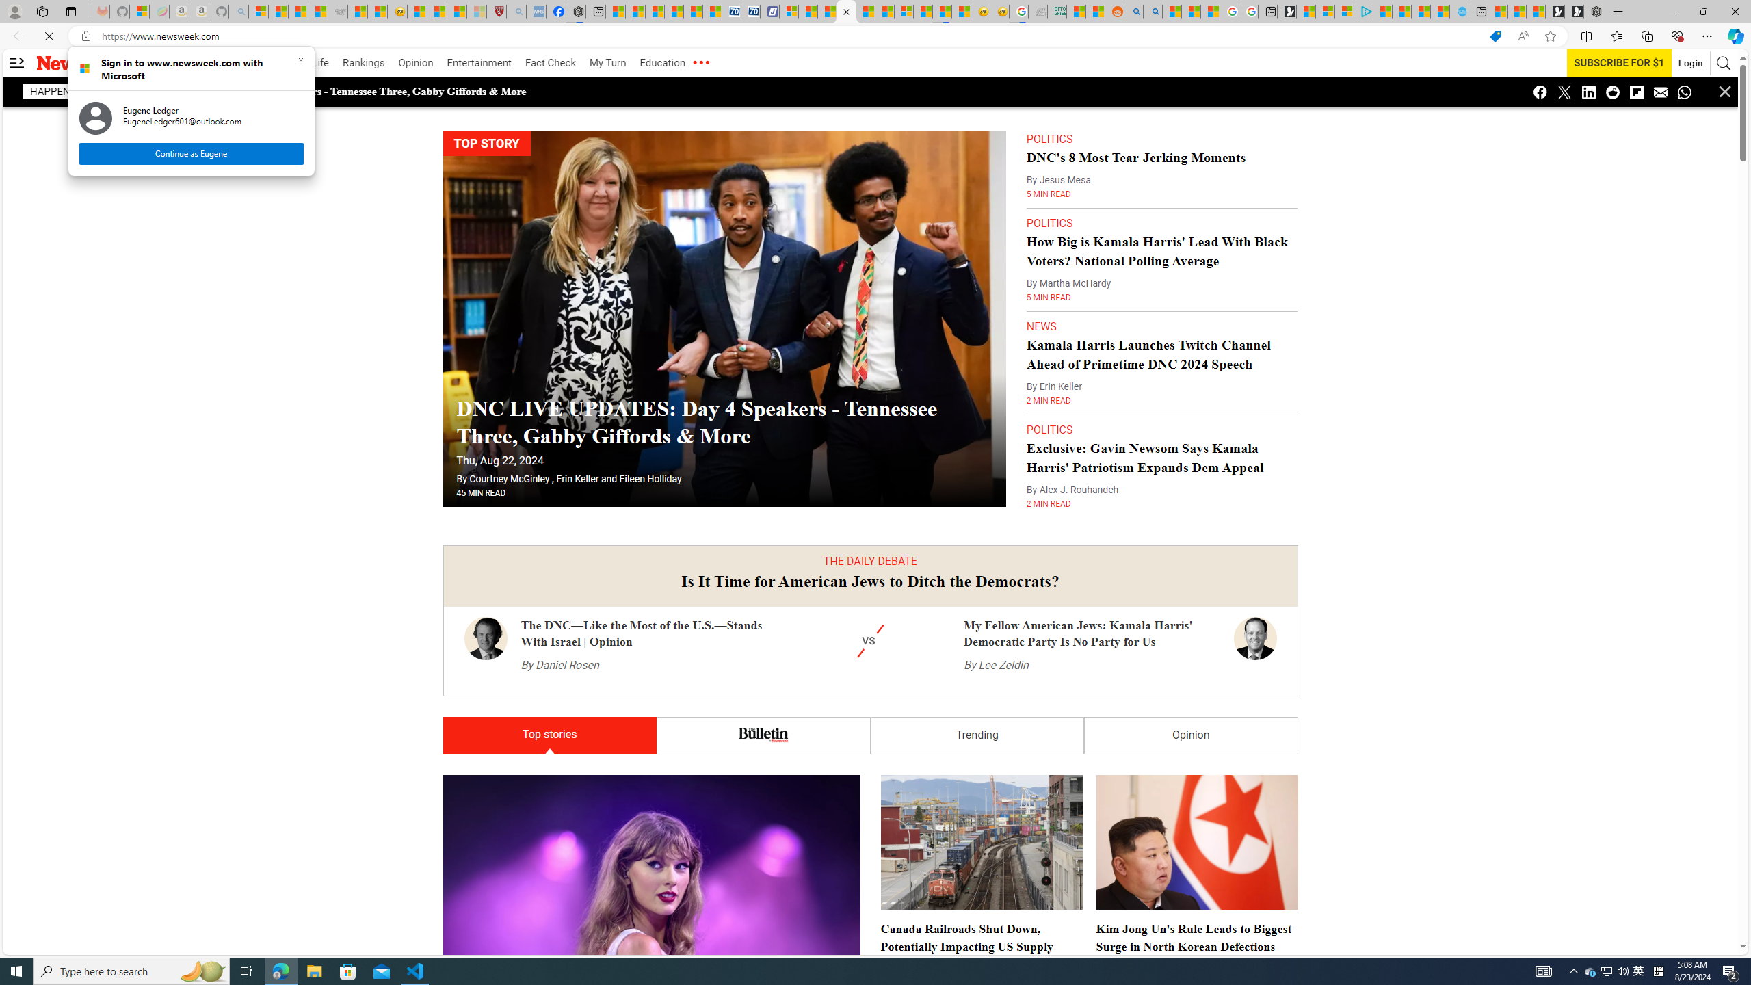  What do you see at coordinates (280, 970) in the screenshot?
I see `'Microsoft Edge - 1 running window'` at bounding box center [280, 970].